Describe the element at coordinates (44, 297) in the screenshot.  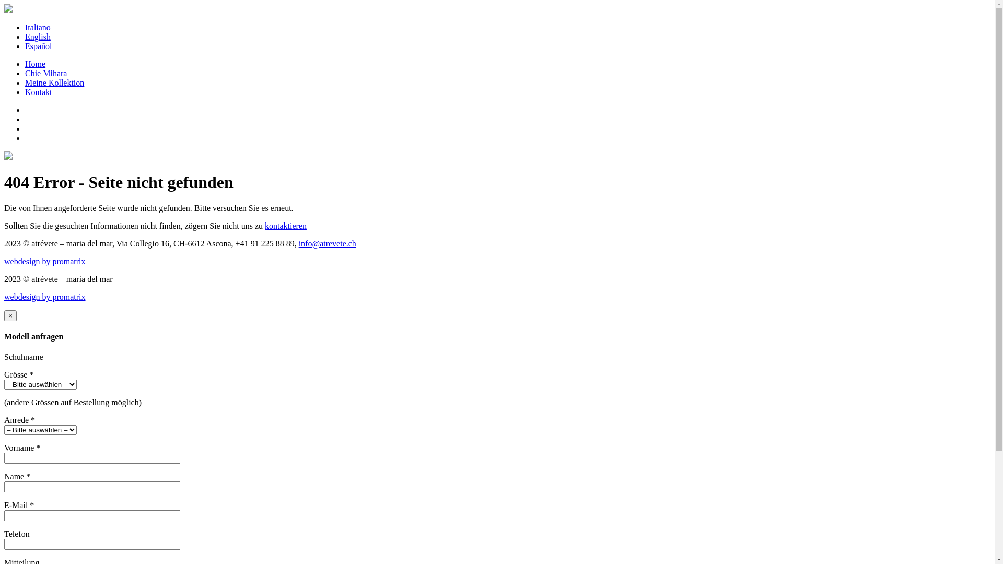
I see `'webdesign by promatrix'` at that location.